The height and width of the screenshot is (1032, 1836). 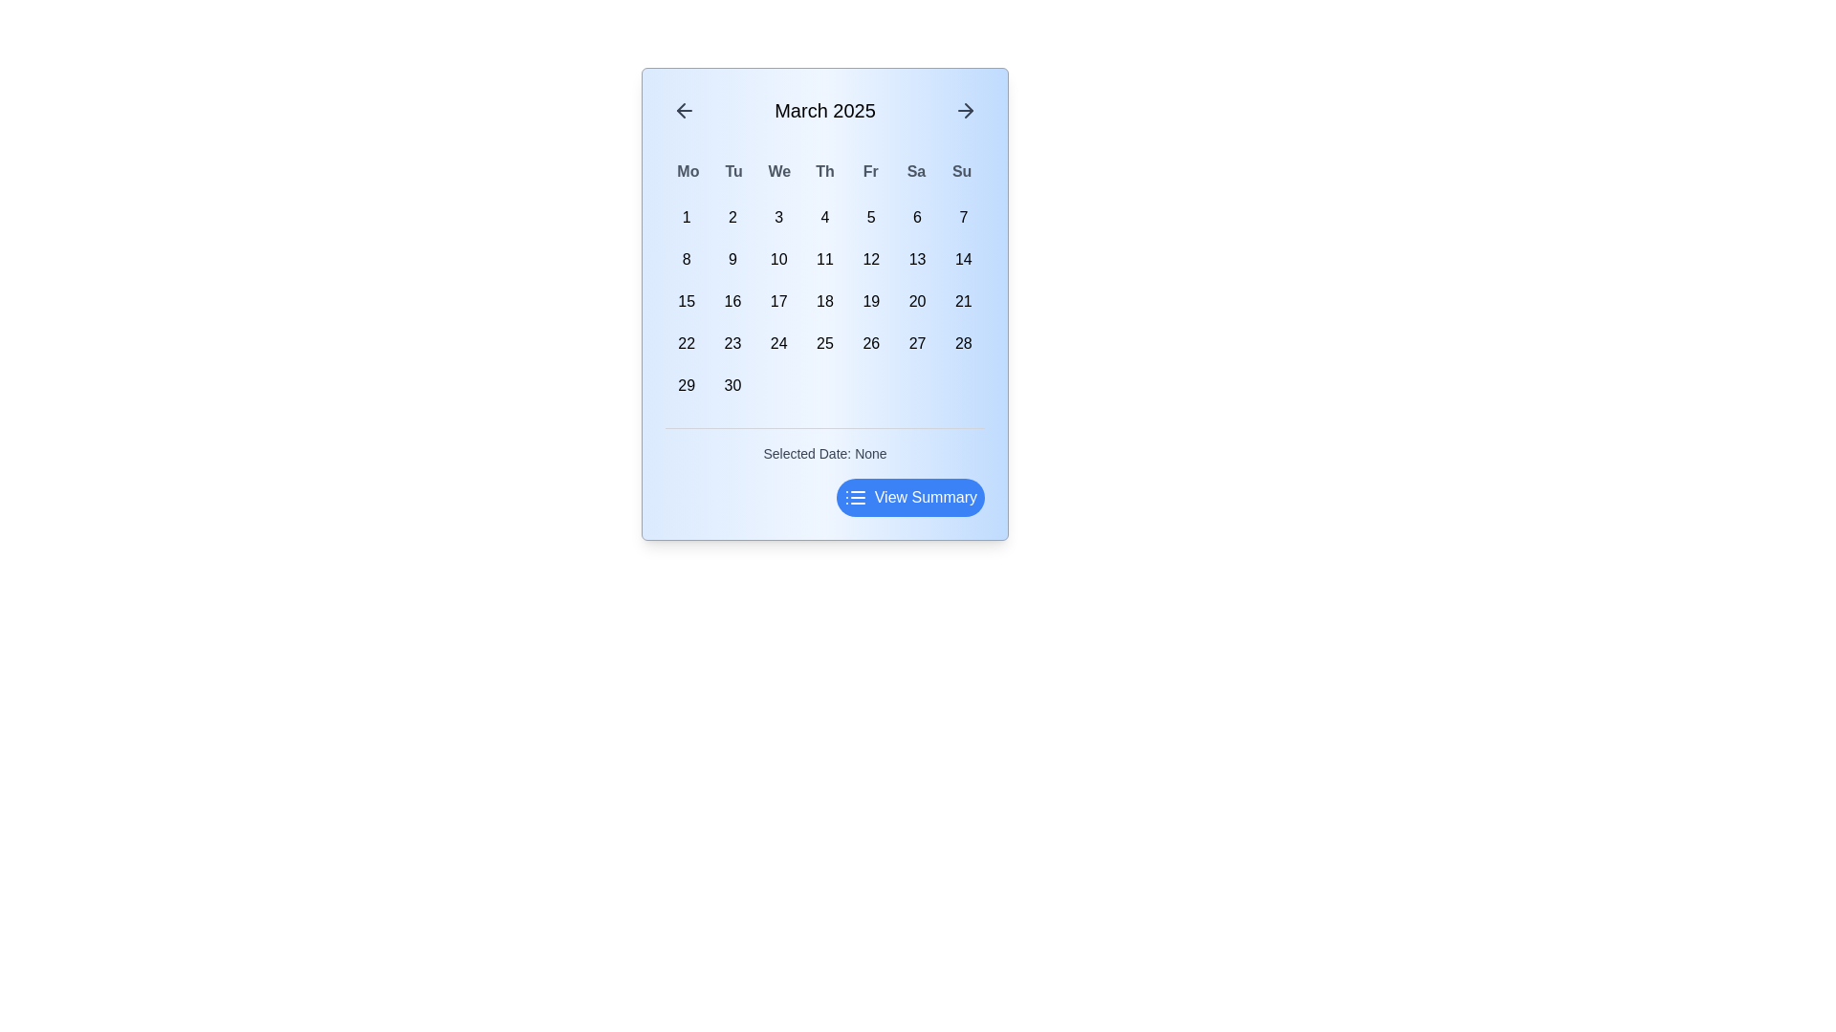 What do you see at coordinates (854, 496) in the screenshot?
I see `the list icon represented by three horizontal lines with small dots on the left of each line, which is enclosed within the 'View Summary' button` at bounding box center [854, 496].